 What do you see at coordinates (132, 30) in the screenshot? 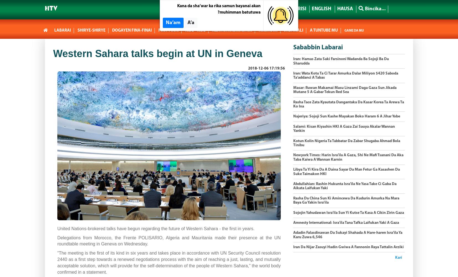
I see `'DOGAYEN FINA-FINAI'` at bounding box center [132, 30].